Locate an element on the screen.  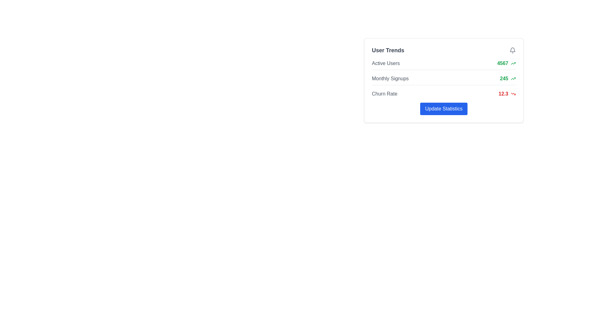
value displayed in the Text element showing the number of monthly signups, which is located to the right of the 'Monthly Signups' label in the 'User Trends' card is located at coordinates (508, 78).